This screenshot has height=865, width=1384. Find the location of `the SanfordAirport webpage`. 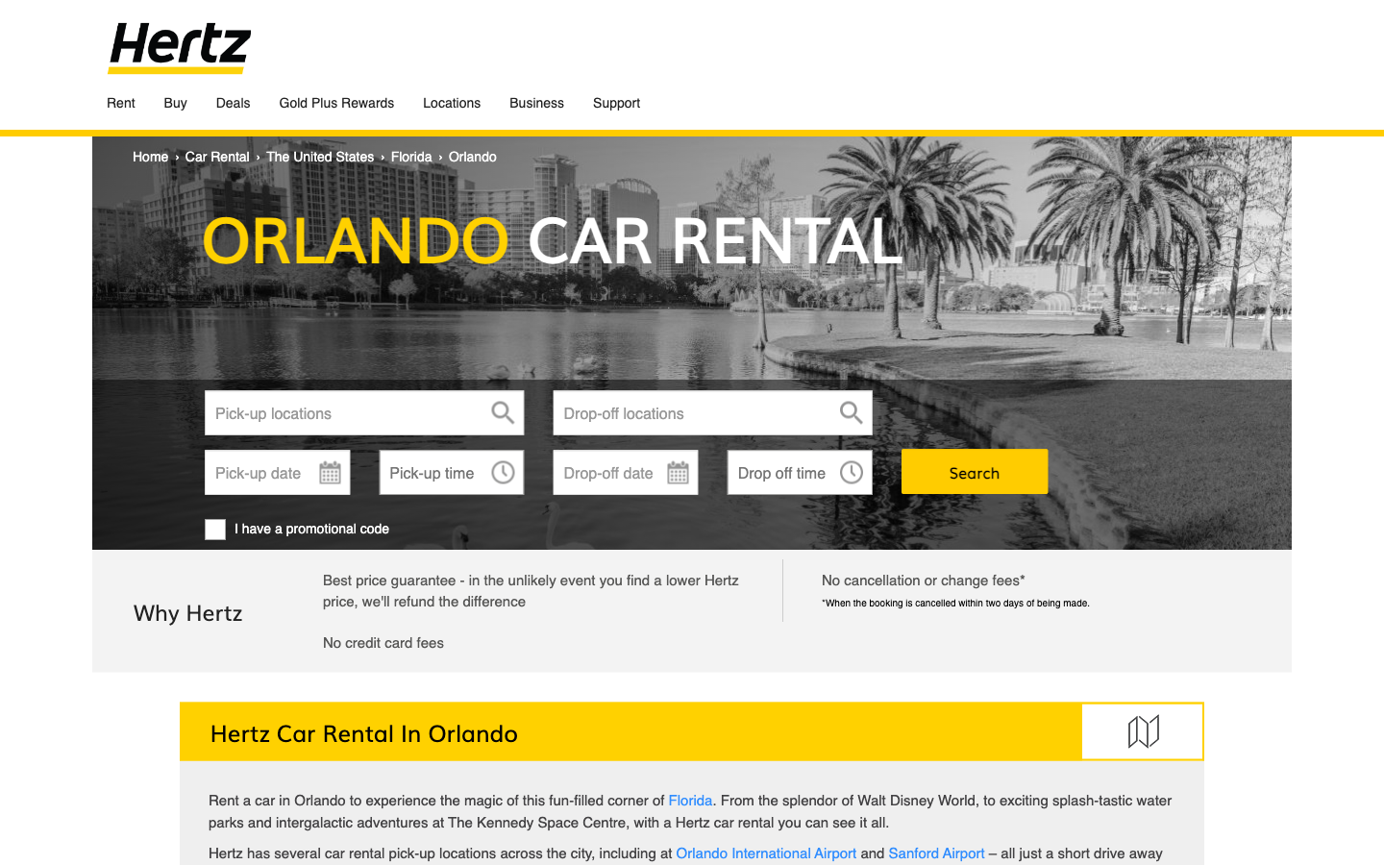

the SanfordAirport webpage is located at coordinates (936, 853).